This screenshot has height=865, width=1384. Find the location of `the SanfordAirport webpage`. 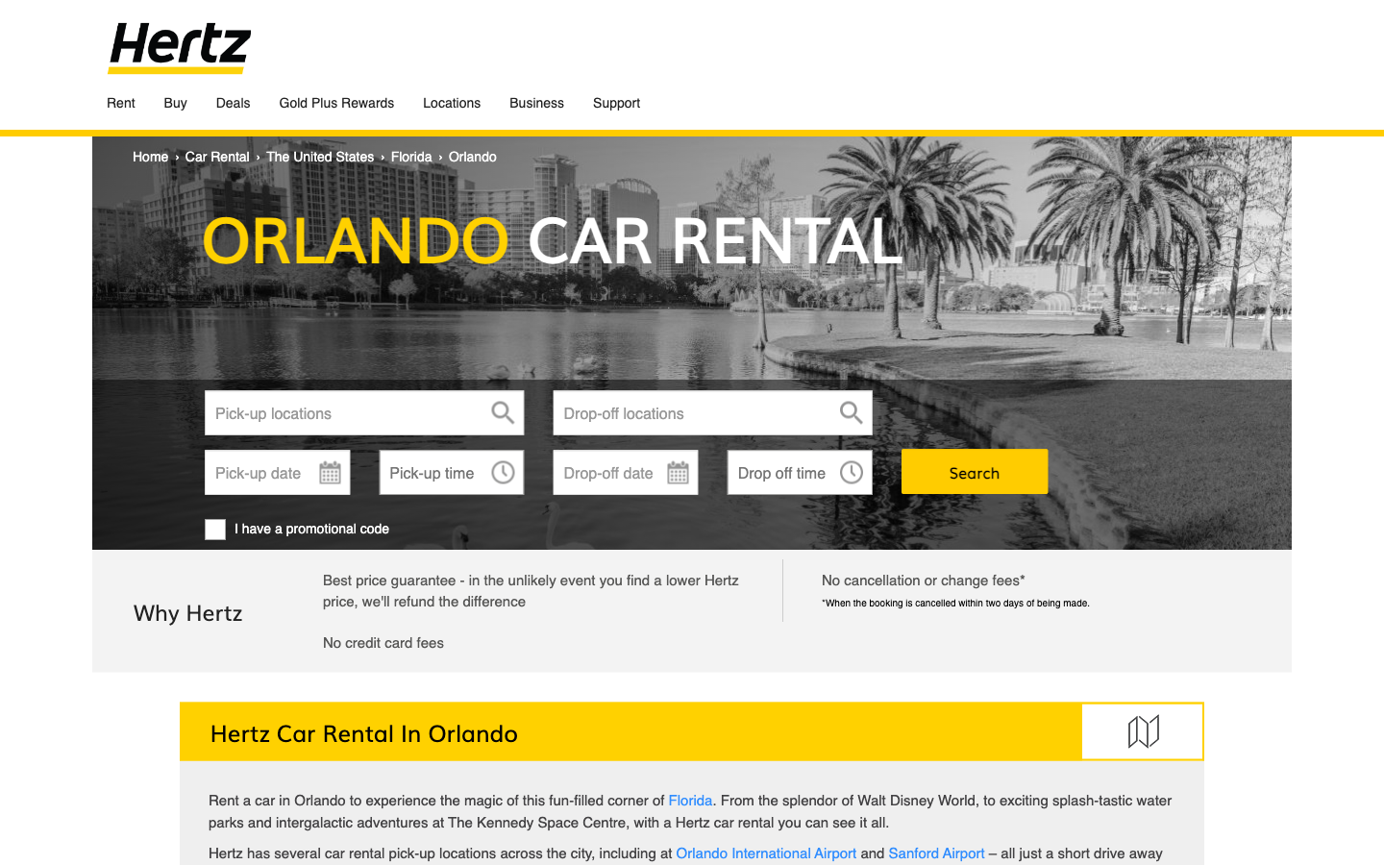

the SanfordAirport webpage is located at coordinates (936, 853).